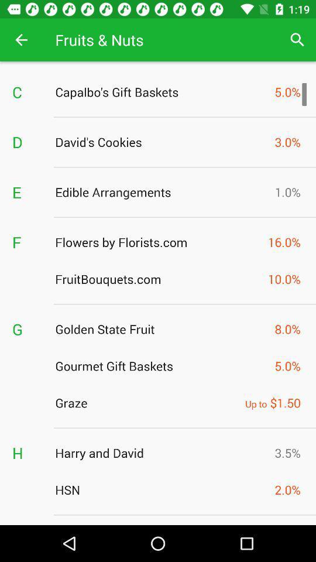 Image resolution: width=316 pixels, height=562 pixels. What do you see at coordinates (21, 40) in the screenshot?
I see `app next to the fruits & nuts app` at bounding box center [21, 40].